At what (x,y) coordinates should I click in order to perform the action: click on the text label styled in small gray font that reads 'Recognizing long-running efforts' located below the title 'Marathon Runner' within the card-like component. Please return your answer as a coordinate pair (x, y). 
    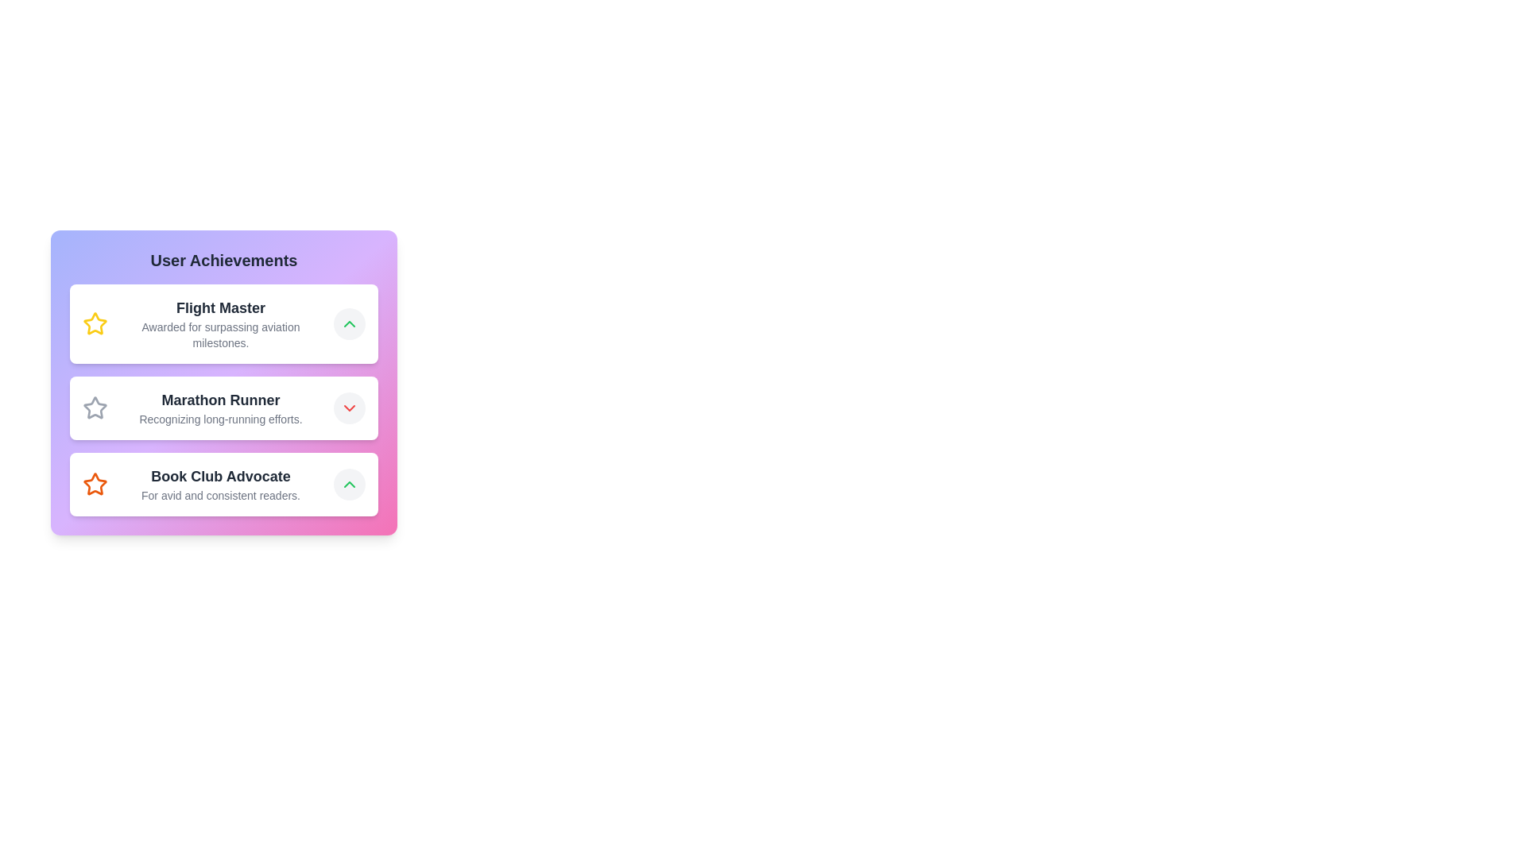
    Looking at the image, I should click on (220, 419).